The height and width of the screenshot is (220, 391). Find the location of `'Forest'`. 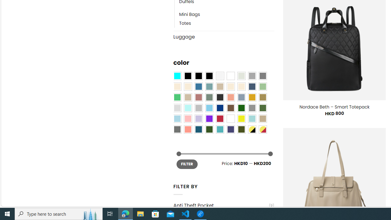

'Forest' is located at coordinates (209, 129).